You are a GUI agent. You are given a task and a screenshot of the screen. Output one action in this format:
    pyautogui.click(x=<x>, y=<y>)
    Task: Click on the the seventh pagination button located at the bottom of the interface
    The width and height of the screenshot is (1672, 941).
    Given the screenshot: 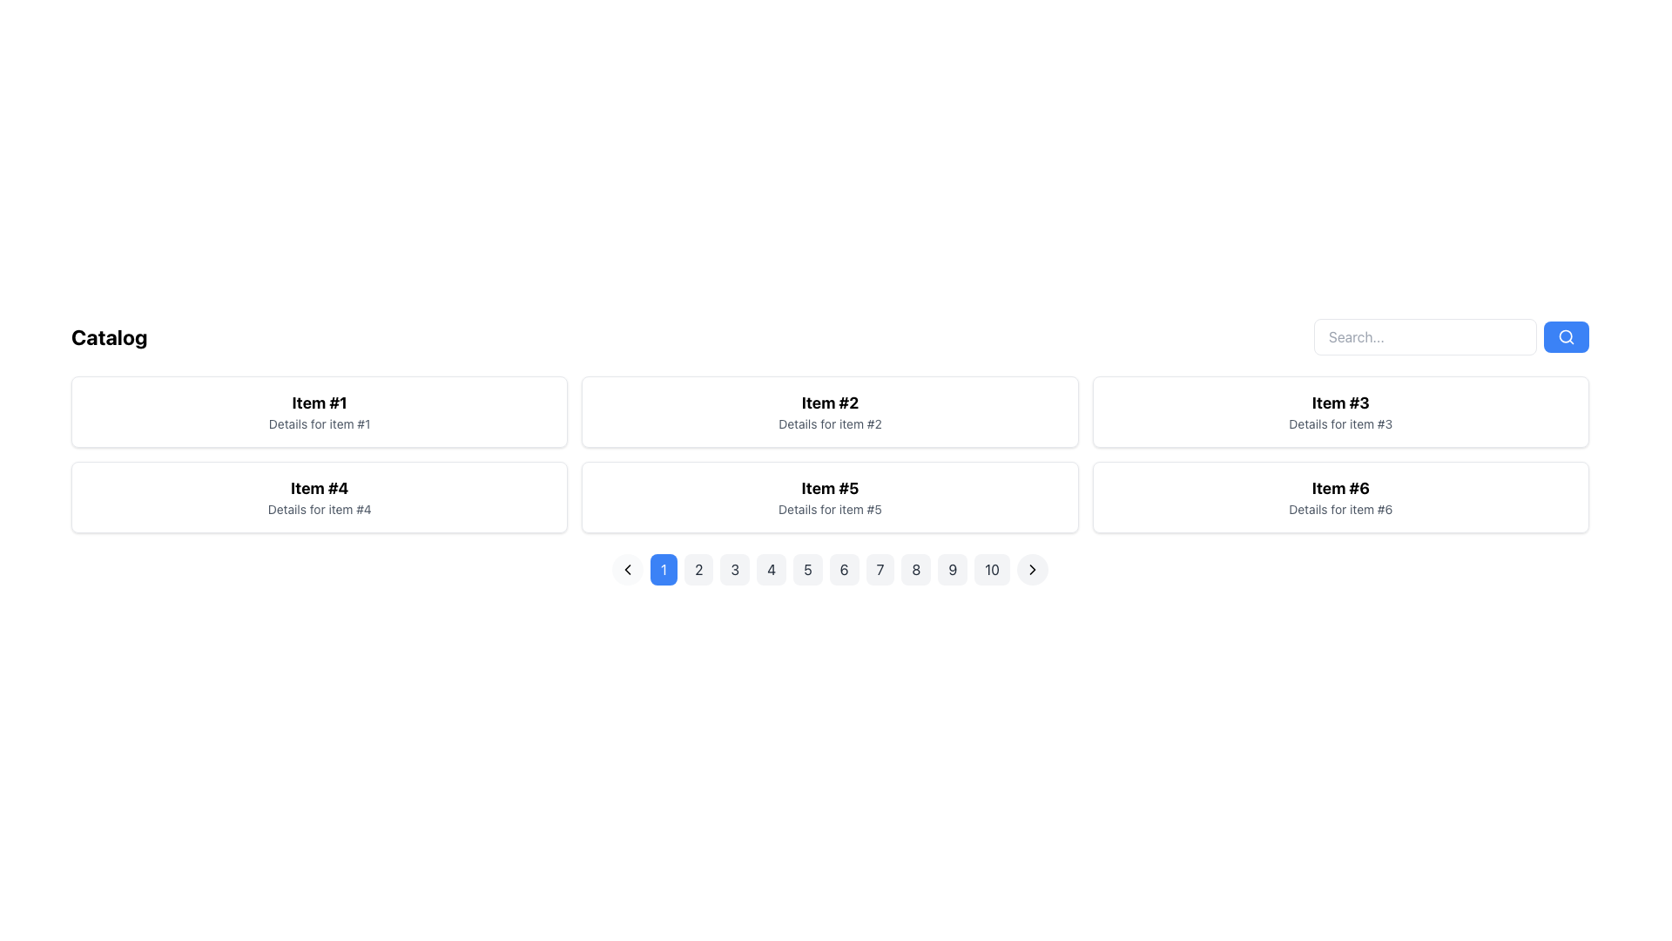 What is the action you would take?
    pyautogui.click(x=880, y=570)
    